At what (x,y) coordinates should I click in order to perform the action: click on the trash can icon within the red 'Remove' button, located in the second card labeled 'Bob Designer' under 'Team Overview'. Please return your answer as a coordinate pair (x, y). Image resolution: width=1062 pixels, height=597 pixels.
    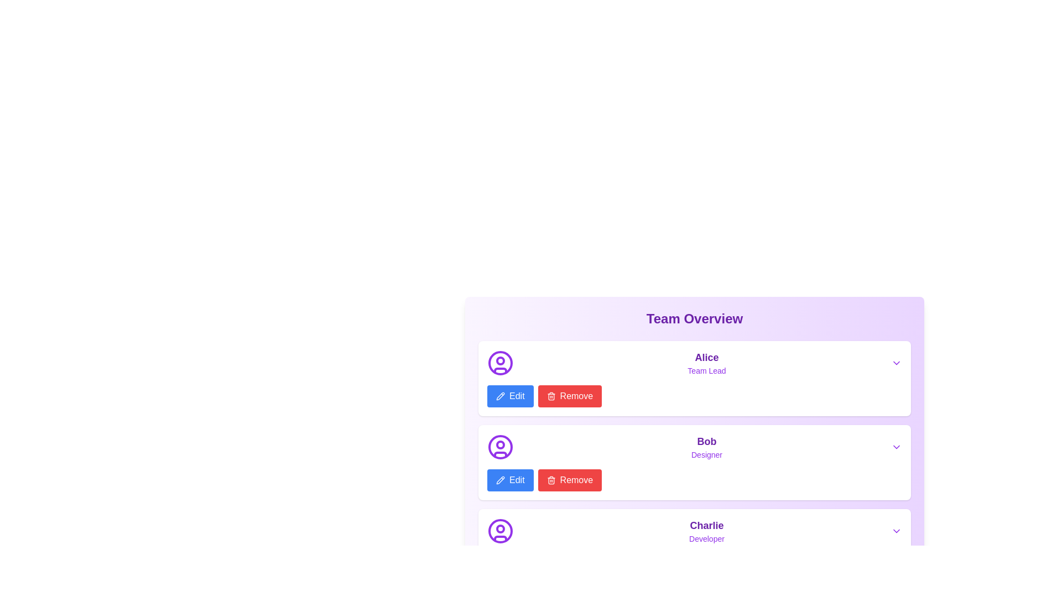
    Looking at the image, I should click on (551, 479).